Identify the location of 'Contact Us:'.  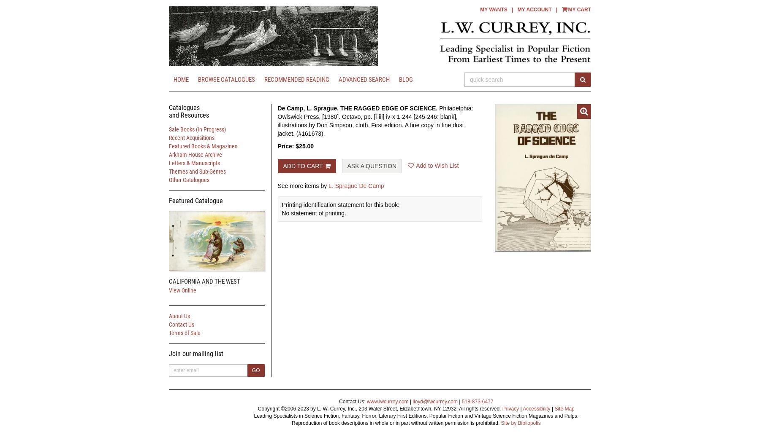
(353, 401).